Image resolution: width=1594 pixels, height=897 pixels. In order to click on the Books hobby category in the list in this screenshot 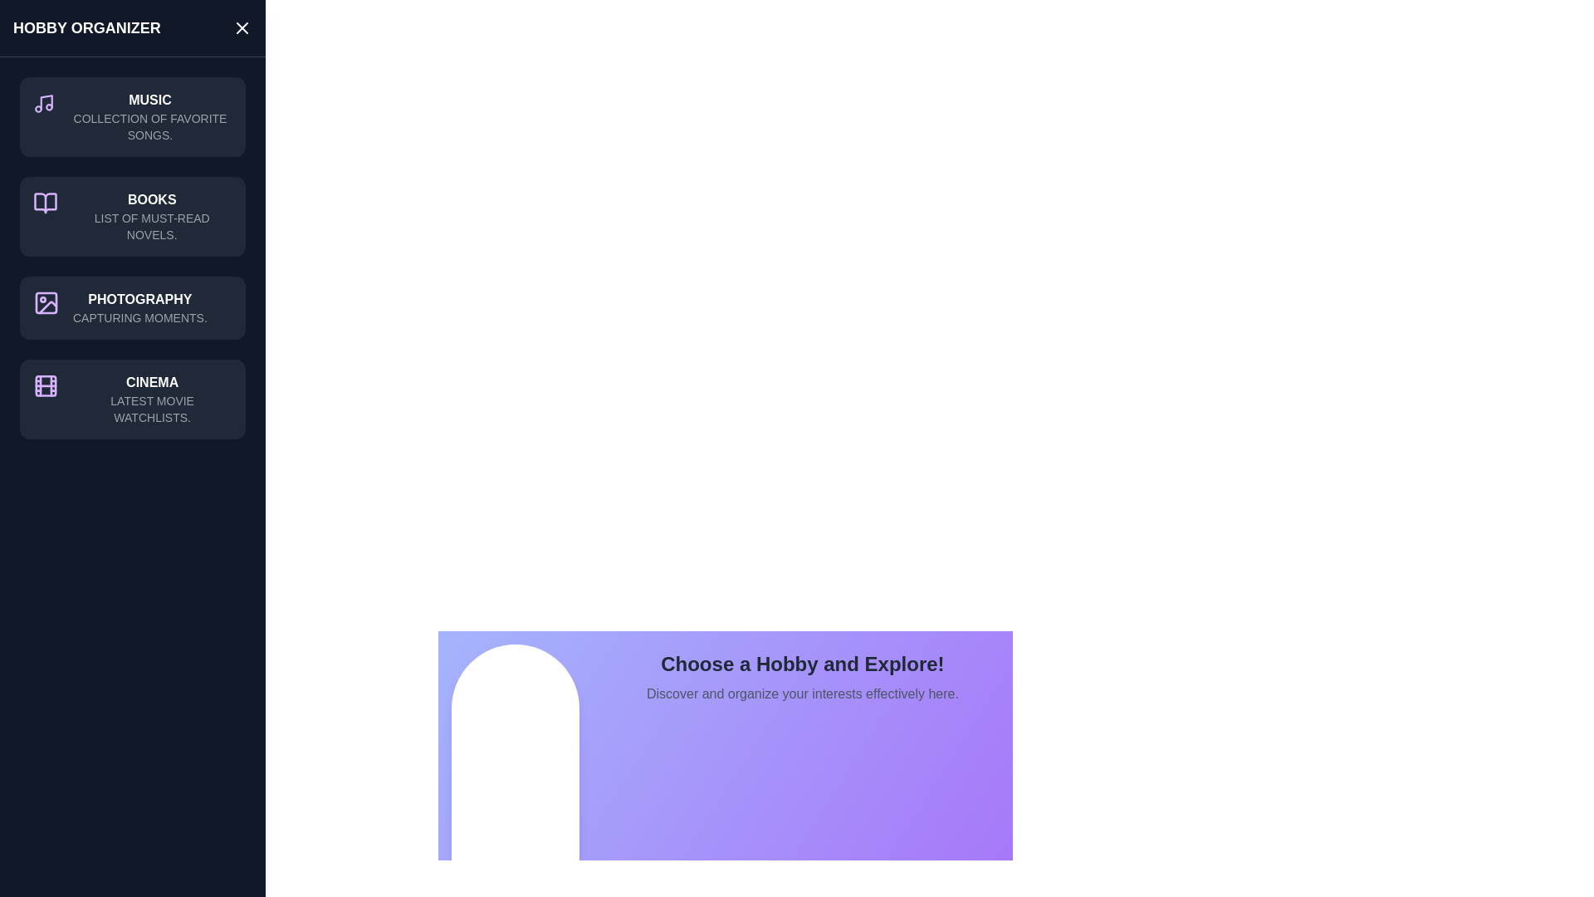, I will do `click(131, 216)`.